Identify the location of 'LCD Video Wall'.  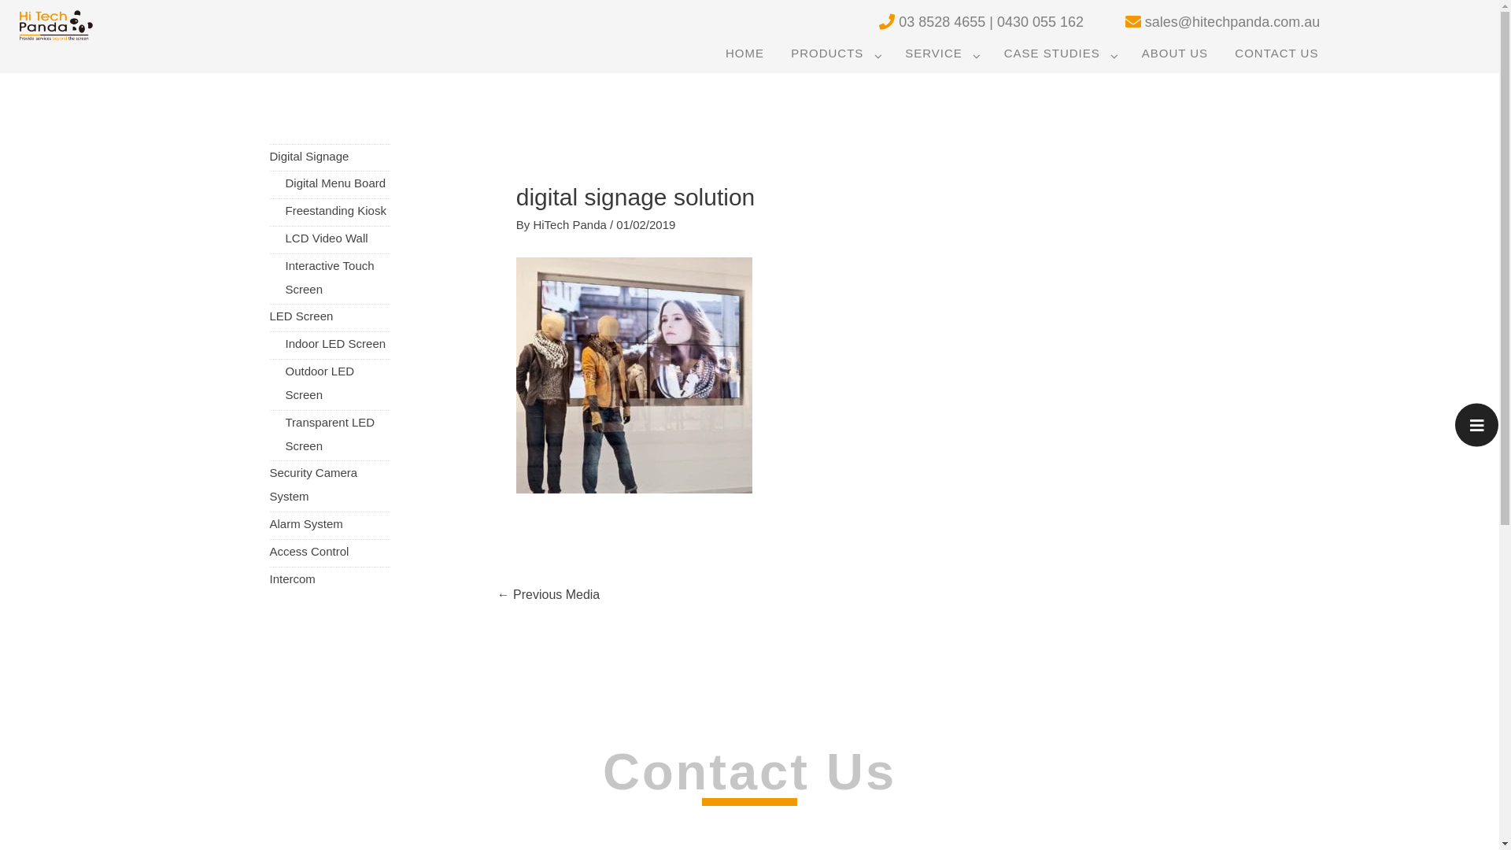
(325, 238).